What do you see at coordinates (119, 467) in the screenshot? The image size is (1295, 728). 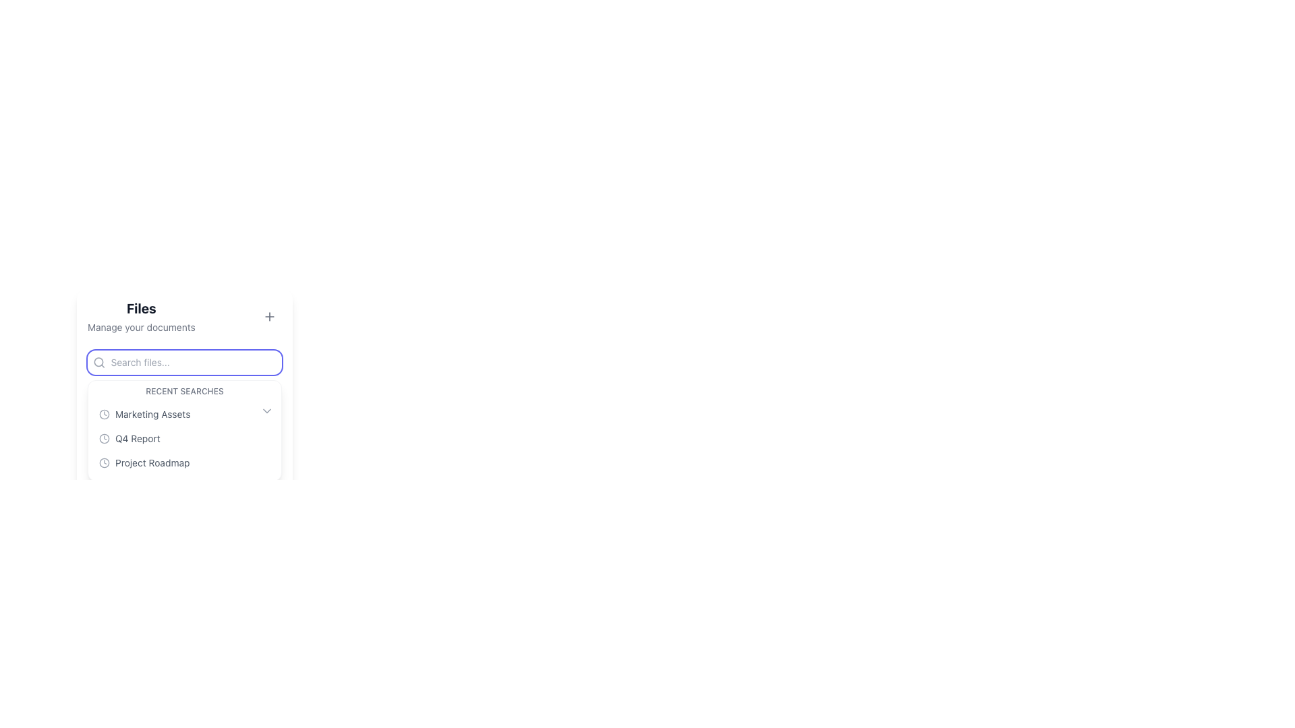 I see `the small rectangular file document icon located to the left of the text 'Project Roadmap' within the 'Recent Searches' section` at bounding box center [119, 467].